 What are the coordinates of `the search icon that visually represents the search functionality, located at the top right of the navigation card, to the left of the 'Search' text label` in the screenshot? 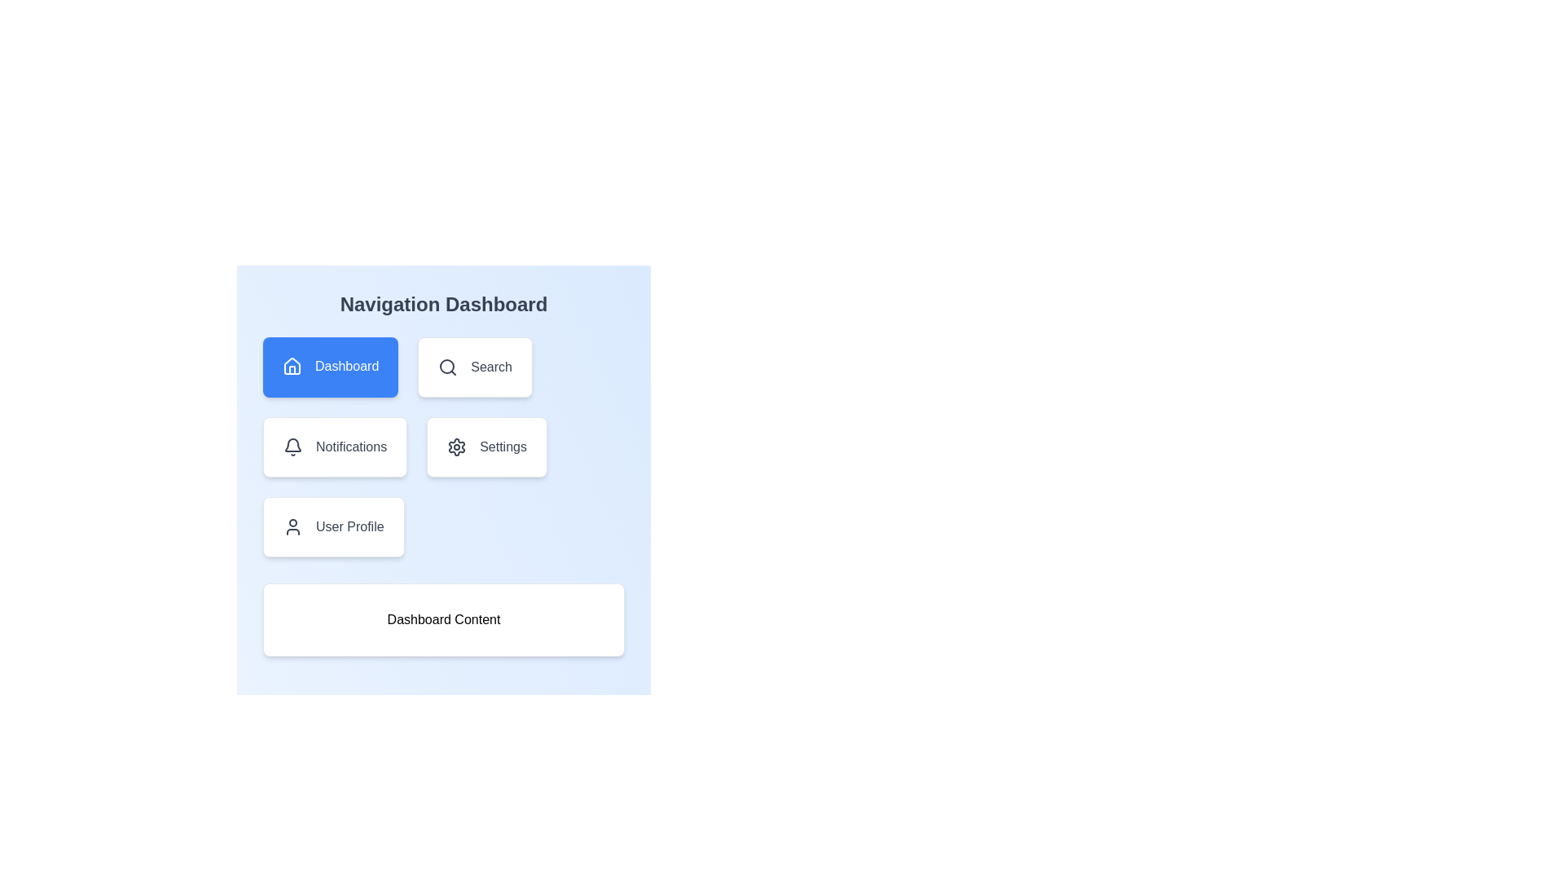 It's located at (448, 367).